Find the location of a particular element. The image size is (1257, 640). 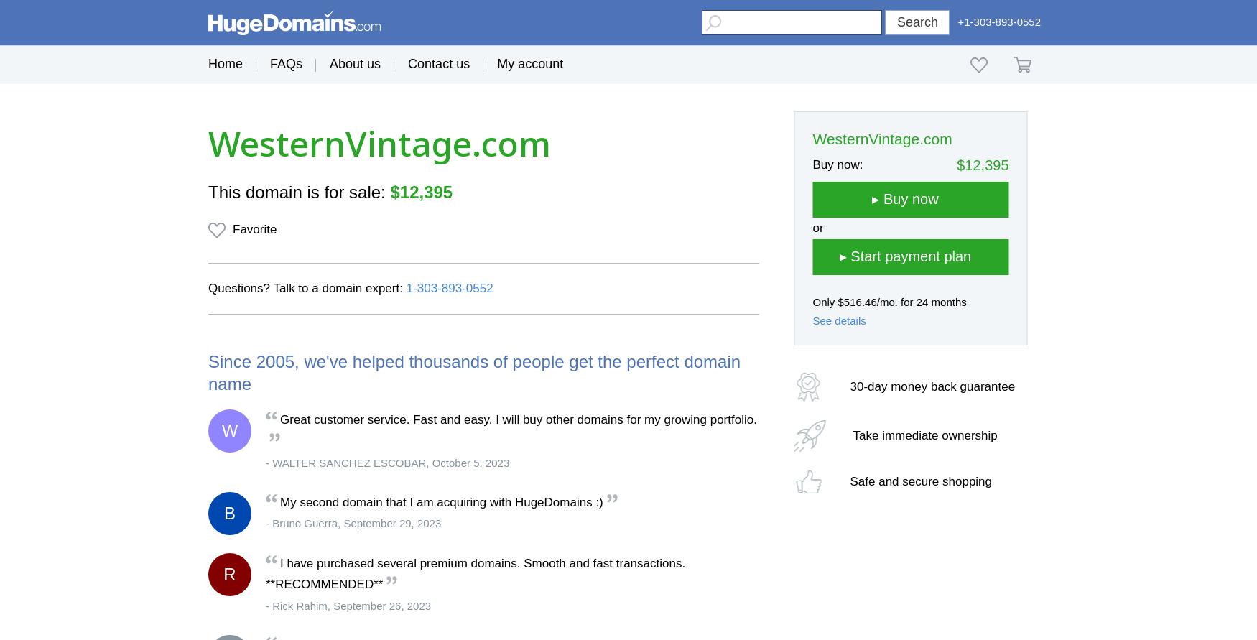

'Favorite' is located at coordinates (254, 228).